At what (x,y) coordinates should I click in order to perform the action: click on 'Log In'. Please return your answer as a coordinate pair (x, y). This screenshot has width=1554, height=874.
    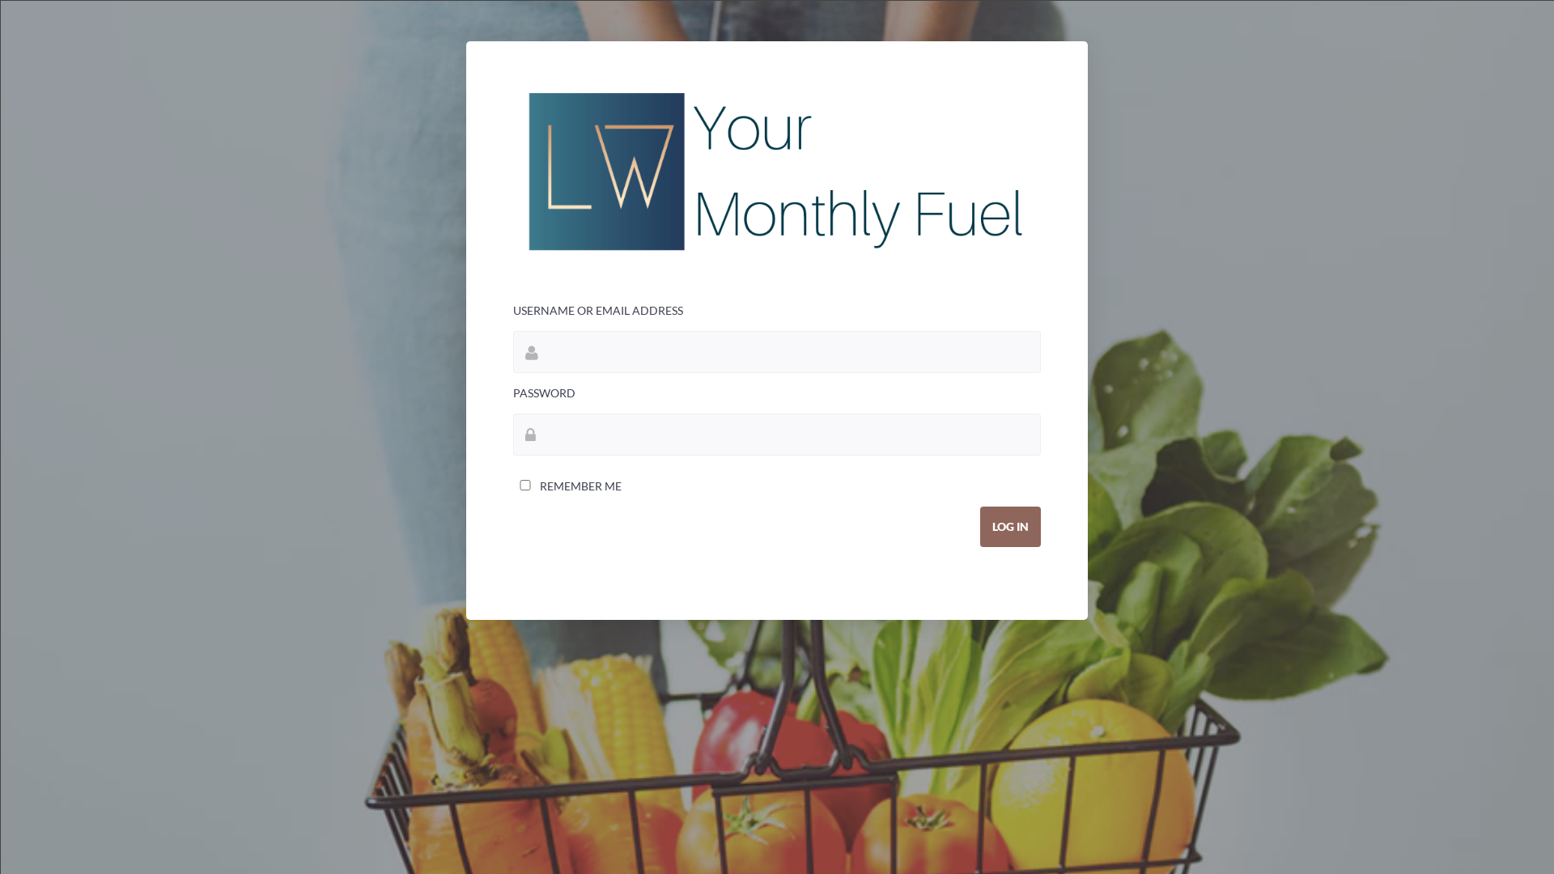
    Looking at the image, I should click on (1009, 527).